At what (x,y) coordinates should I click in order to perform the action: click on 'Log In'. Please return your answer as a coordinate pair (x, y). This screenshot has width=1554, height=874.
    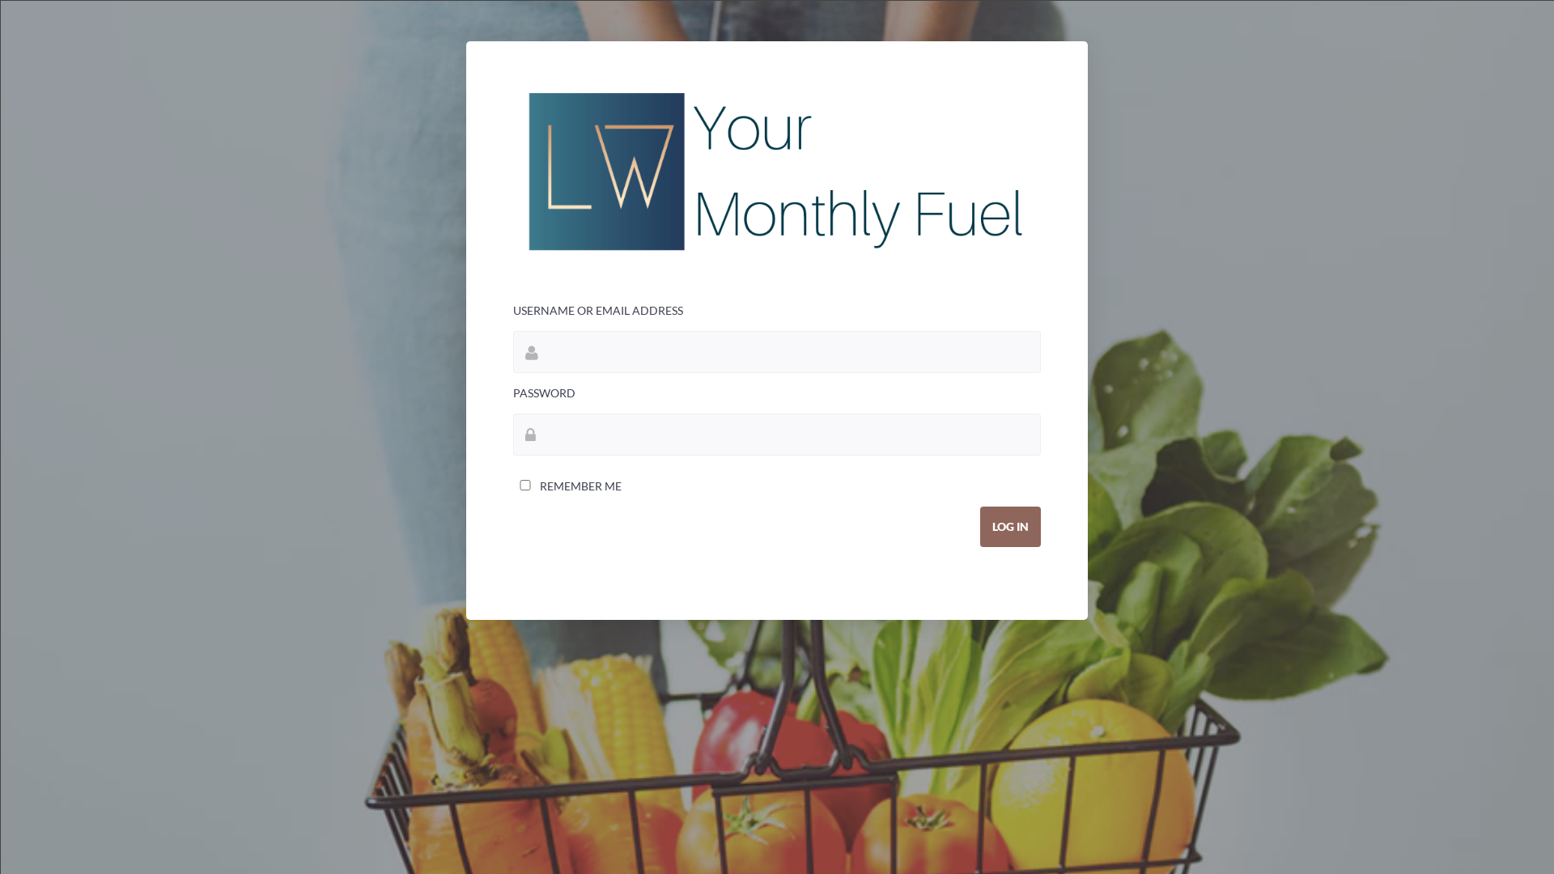
    Looking at the image, I should click on (1009, 527).